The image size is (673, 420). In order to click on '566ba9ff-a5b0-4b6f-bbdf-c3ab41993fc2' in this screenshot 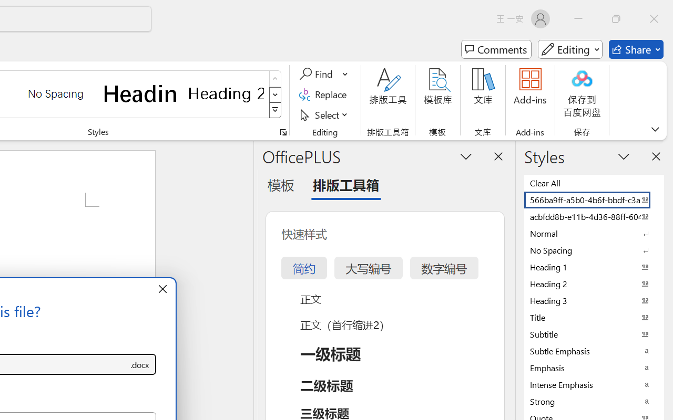, I will do `click(594, 199)`.